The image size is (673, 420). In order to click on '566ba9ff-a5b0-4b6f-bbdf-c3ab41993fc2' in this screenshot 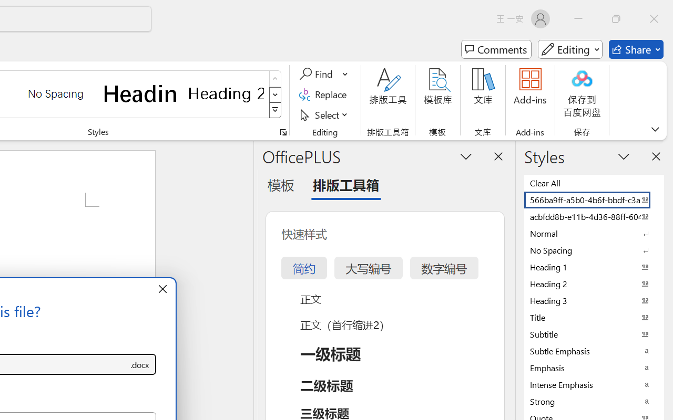, I will do `click(594, 199)`.